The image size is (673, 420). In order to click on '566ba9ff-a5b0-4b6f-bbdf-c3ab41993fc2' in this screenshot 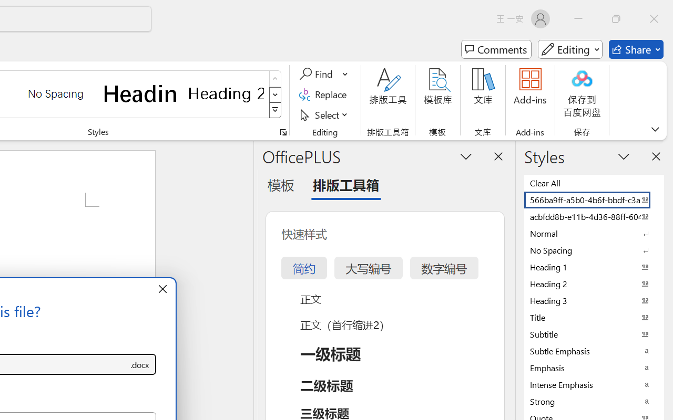, I will do `click(594, 199)`.